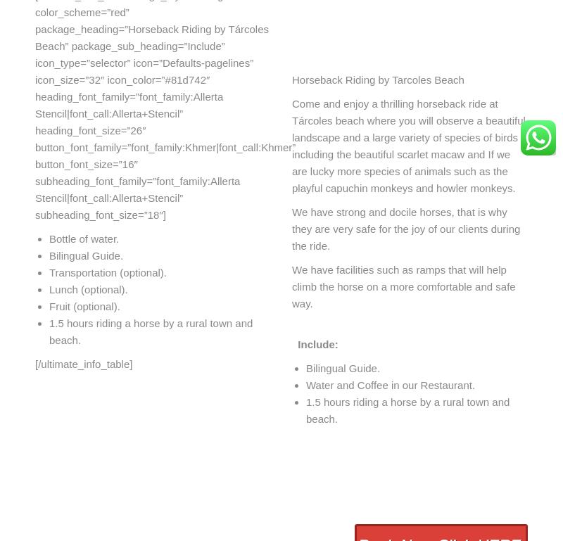 Image resolution: width=563 pixels, height=541 pixels. I want to click on 'Bottle of water.', so click(49, 238).